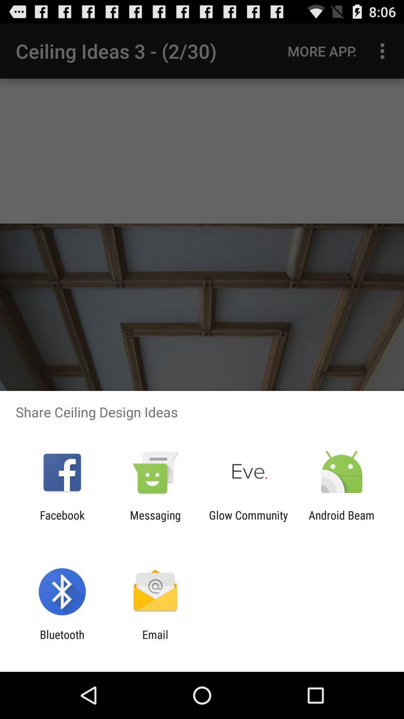 The height and width of the screenshot is (719, 404). Describe the element at coordinates (155, 521) in the screenshot. I see `the messaging icon` at that location.